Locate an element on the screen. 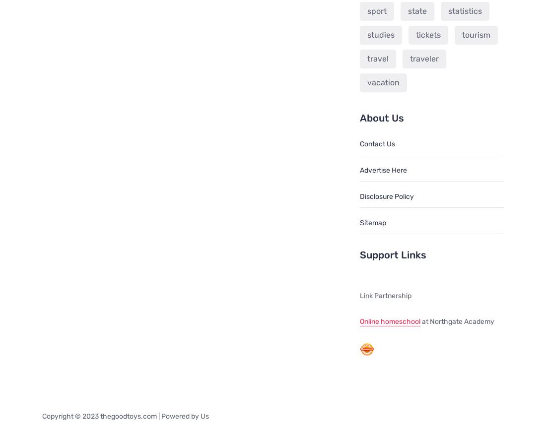 The width and height of the screenshot is (546, 436). 'Online homeschool' is located at coordinates (389, 320).